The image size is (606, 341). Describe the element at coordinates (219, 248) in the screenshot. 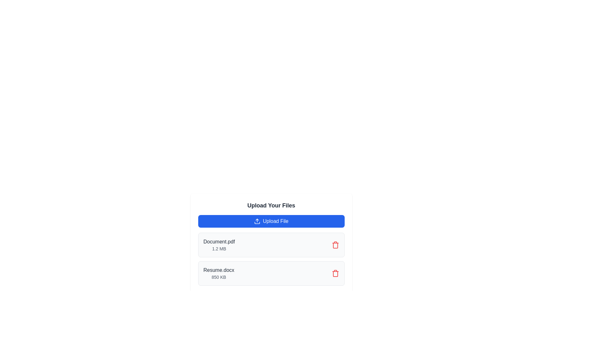

I see `the text label indicating the file size of 'Document.pdf', which is located directly below the file name in the document list` at that location.